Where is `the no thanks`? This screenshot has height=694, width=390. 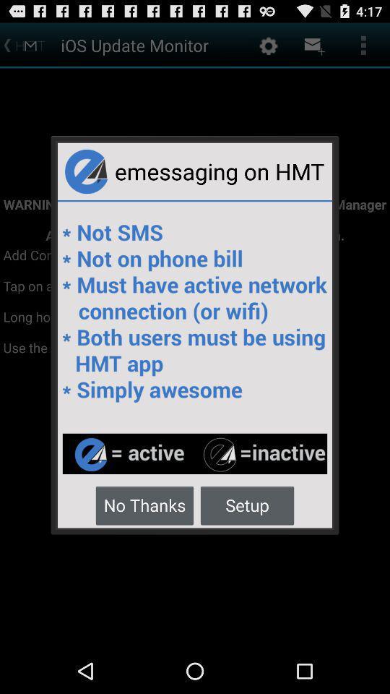 the no thanks is located at coordinates (144, 505).